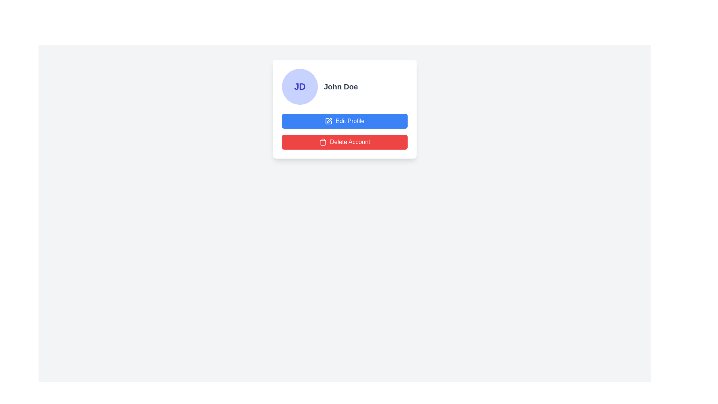  What do you see at coordinates (323, 142) in the screenshot?
I see `the graphical representation of the trash can icon located on the 'Delete Account' button, which has a red background and is positioned below the 'Edit Profile' button` at bounding box center [323, 142].